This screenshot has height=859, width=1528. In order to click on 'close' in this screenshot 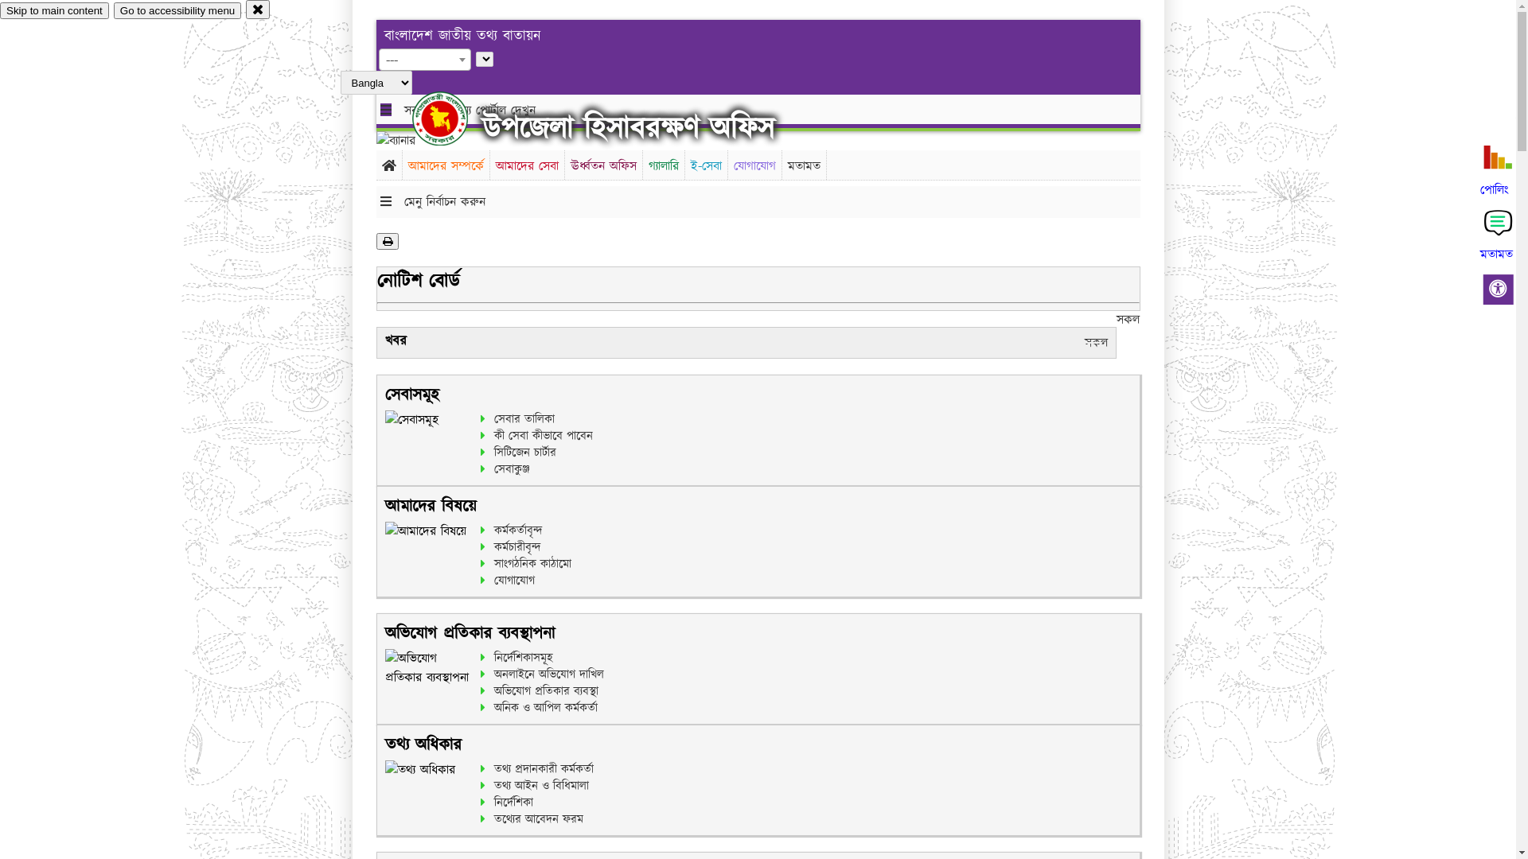, I will do `click(258, 9)`.